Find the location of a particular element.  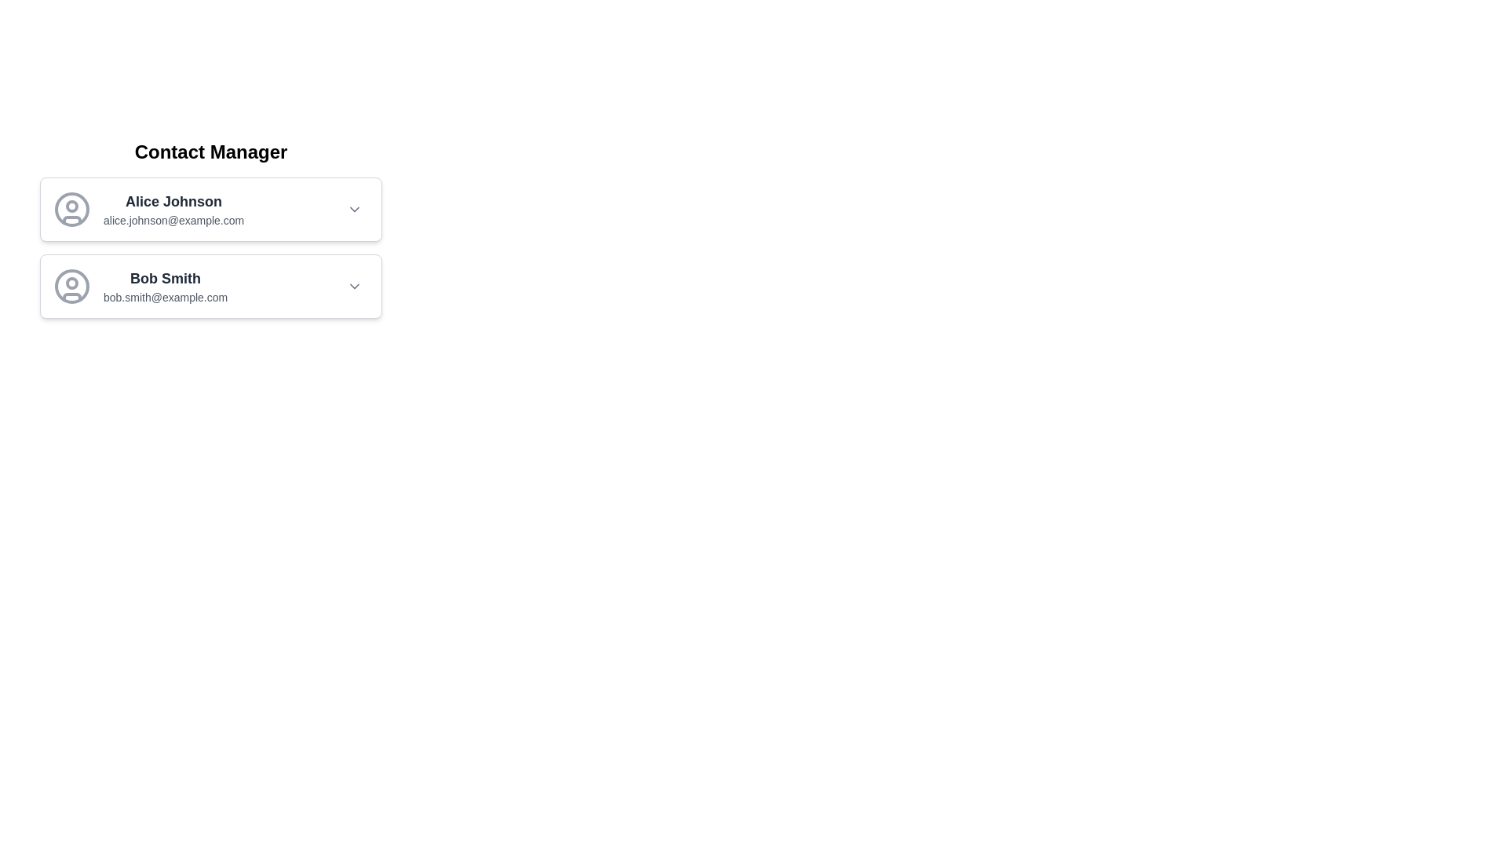

the small downward-pointing chevron icon embedded within the circular button located on the right side of the top contact card for 'Alice Johnson' is located at coordinates (353, 208).